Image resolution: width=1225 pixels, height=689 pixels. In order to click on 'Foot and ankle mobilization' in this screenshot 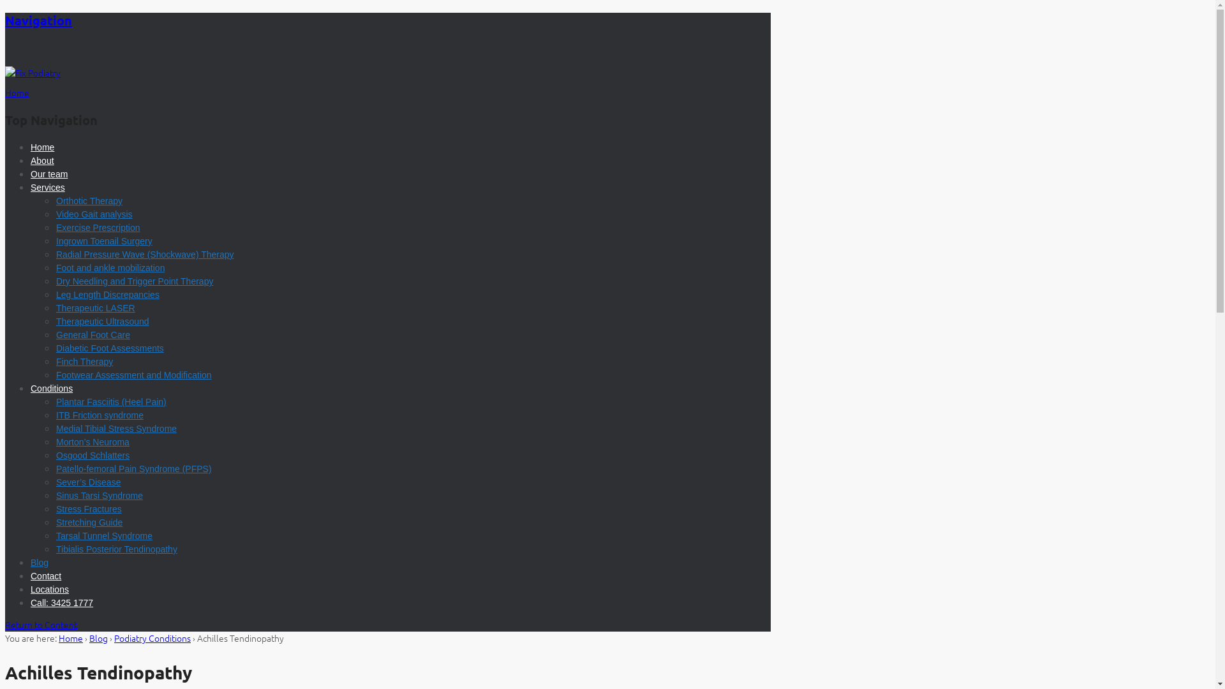, I will do `click(110, 267)`.